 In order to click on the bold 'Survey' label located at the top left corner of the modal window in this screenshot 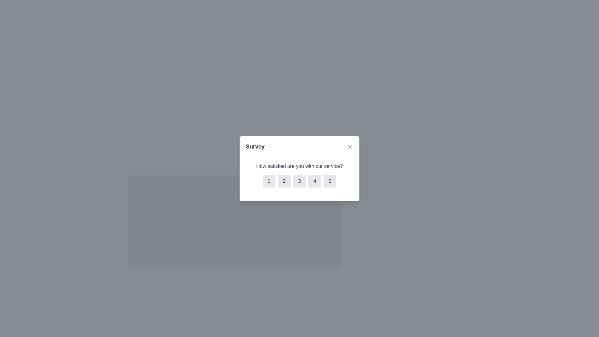, I will do `click(255, 146)`.